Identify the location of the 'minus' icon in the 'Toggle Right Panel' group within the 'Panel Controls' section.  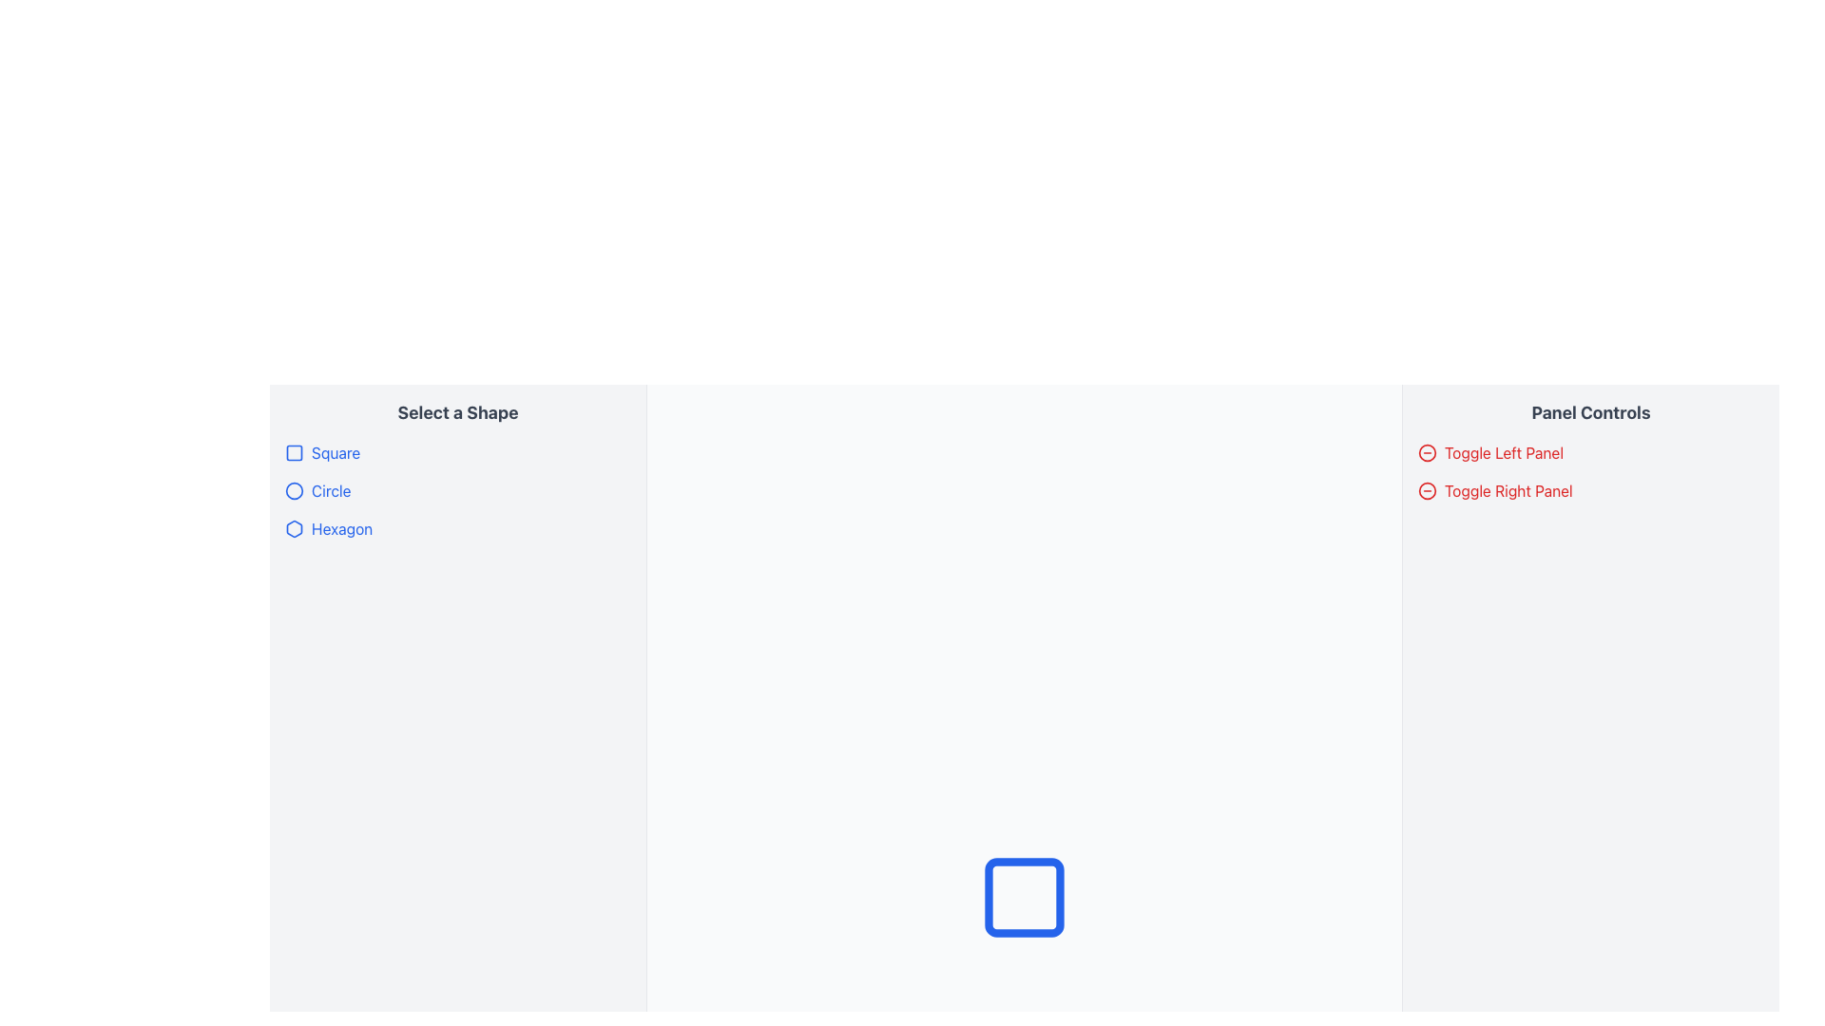
(1428, 489).